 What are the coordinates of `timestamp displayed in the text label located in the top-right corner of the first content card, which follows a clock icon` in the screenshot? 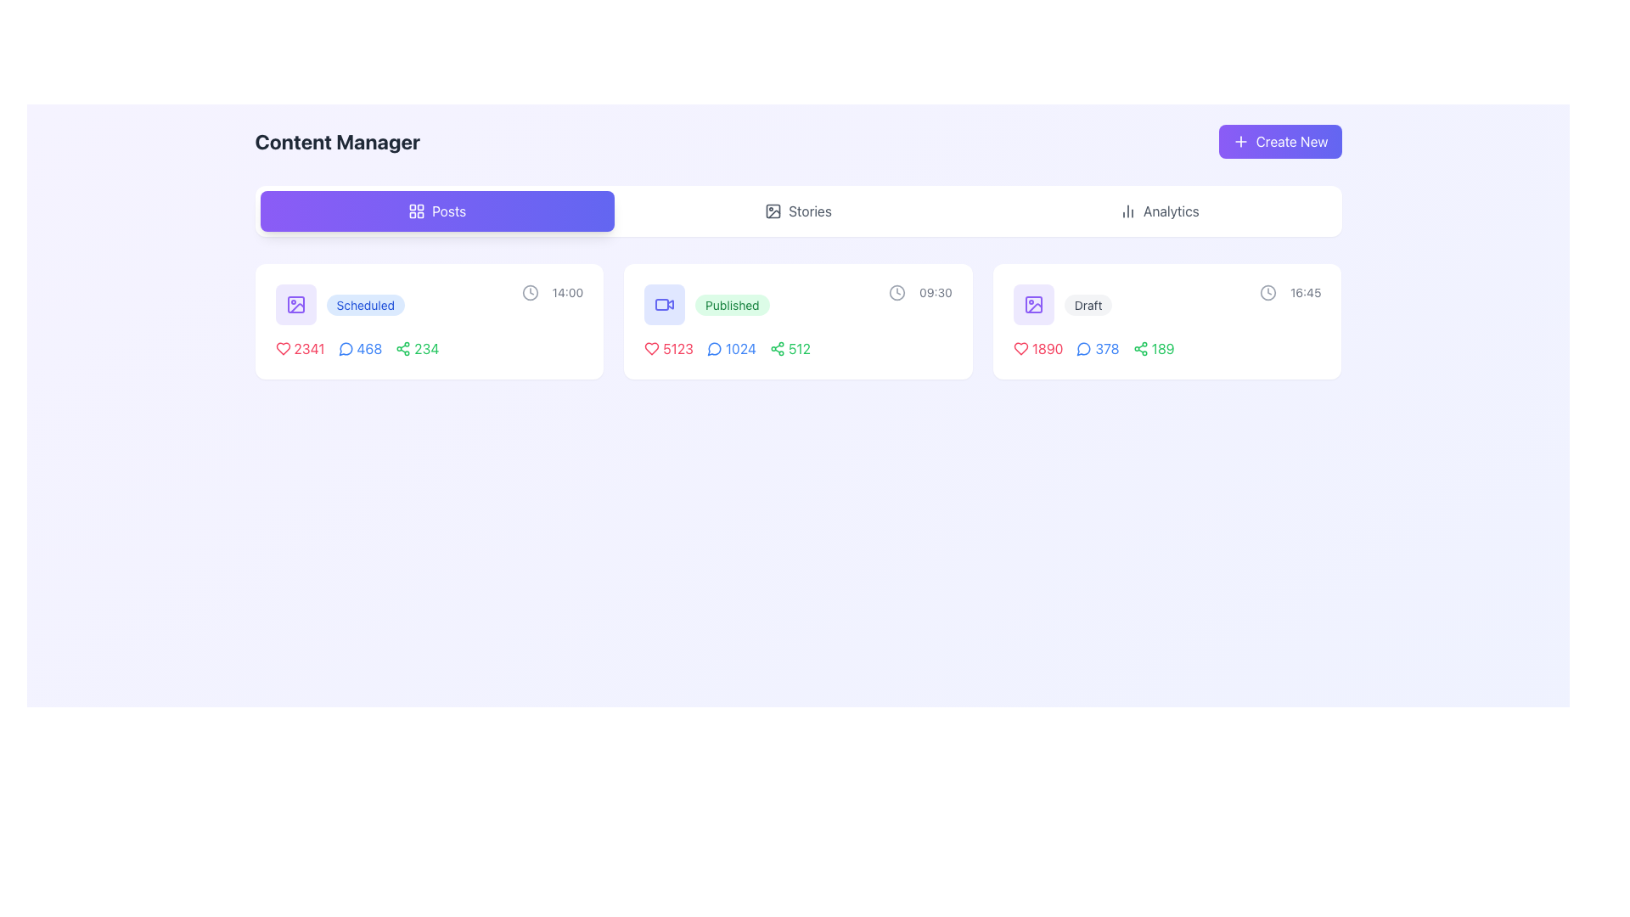 It's located at (567, 291).